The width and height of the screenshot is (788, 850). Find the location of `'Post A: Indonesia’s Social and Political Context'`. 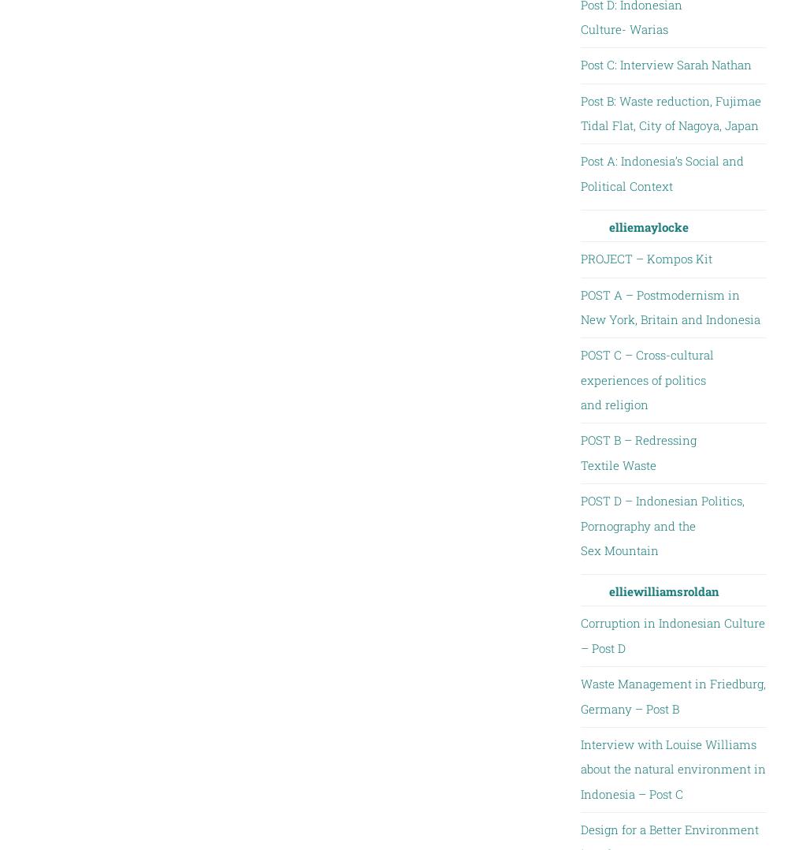

'Post A: Indonesia’s Social and Political Context' is located at coordinates (579, 173).